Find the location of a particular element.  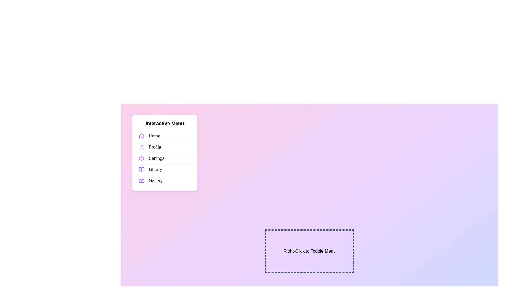

the bordered area to toggle the menu visibility is located at coordinates (309, 251).